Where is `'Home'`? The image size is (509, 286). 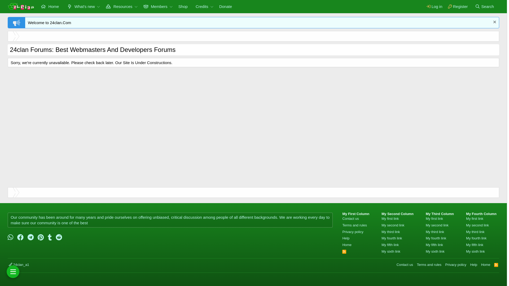
'Home' is located at coordinates (37, 6).